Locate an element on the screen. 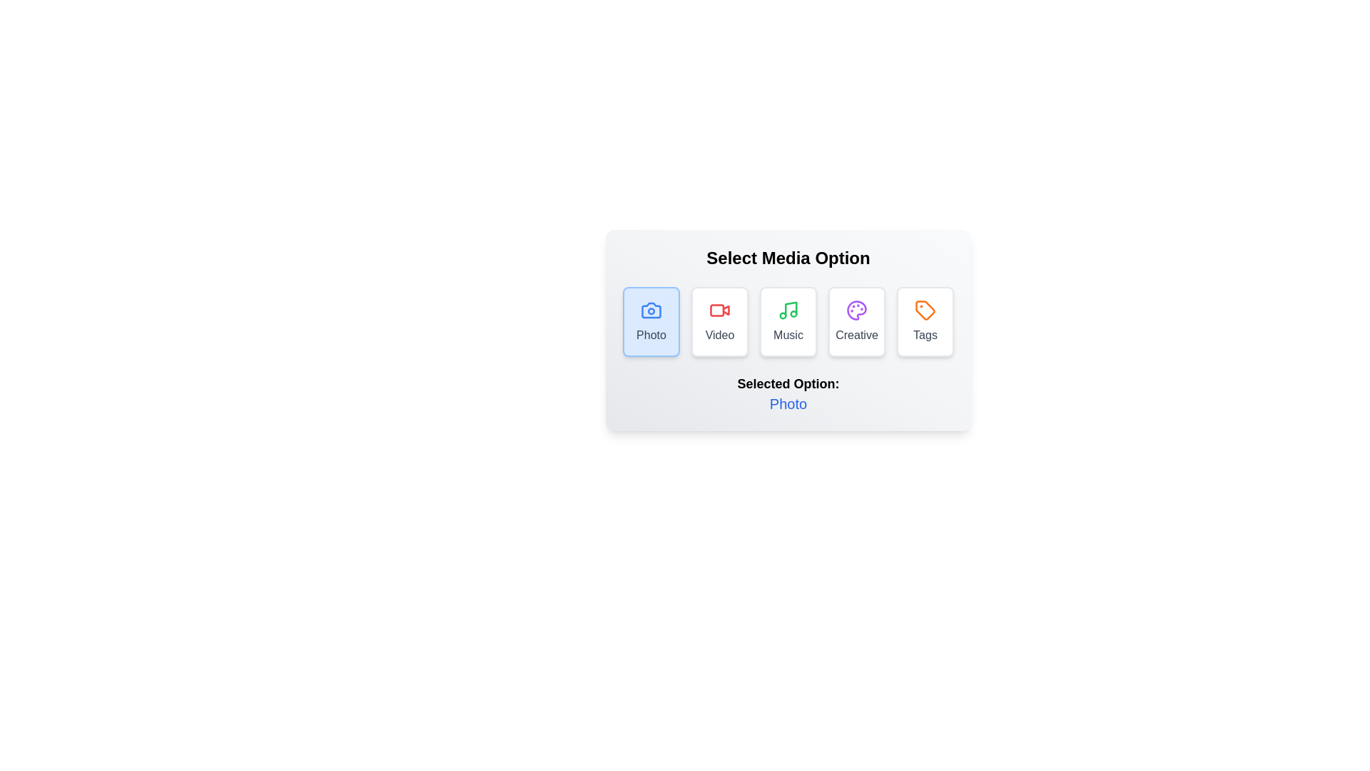 The width and height of the screenshot is (1370, 771). the media option Photo by clicking on its corresponding button is located at coordinates (650, 322).